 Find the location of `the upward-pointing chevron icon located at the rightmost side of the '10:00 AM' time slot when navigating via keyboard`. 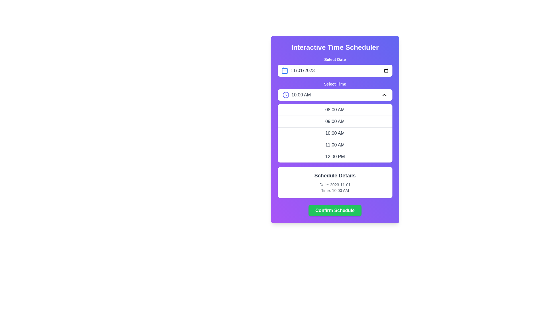

the upward-pointing chevron icon located at the rightmost side of the '10:00 AM' time slot when navigating via keyboard is located at coordinates (384, 94).